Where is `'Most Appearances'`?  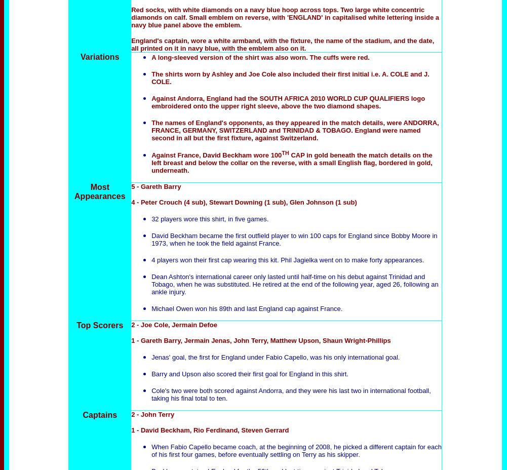 'Most Appearances' is located at coordinates (99, 191).